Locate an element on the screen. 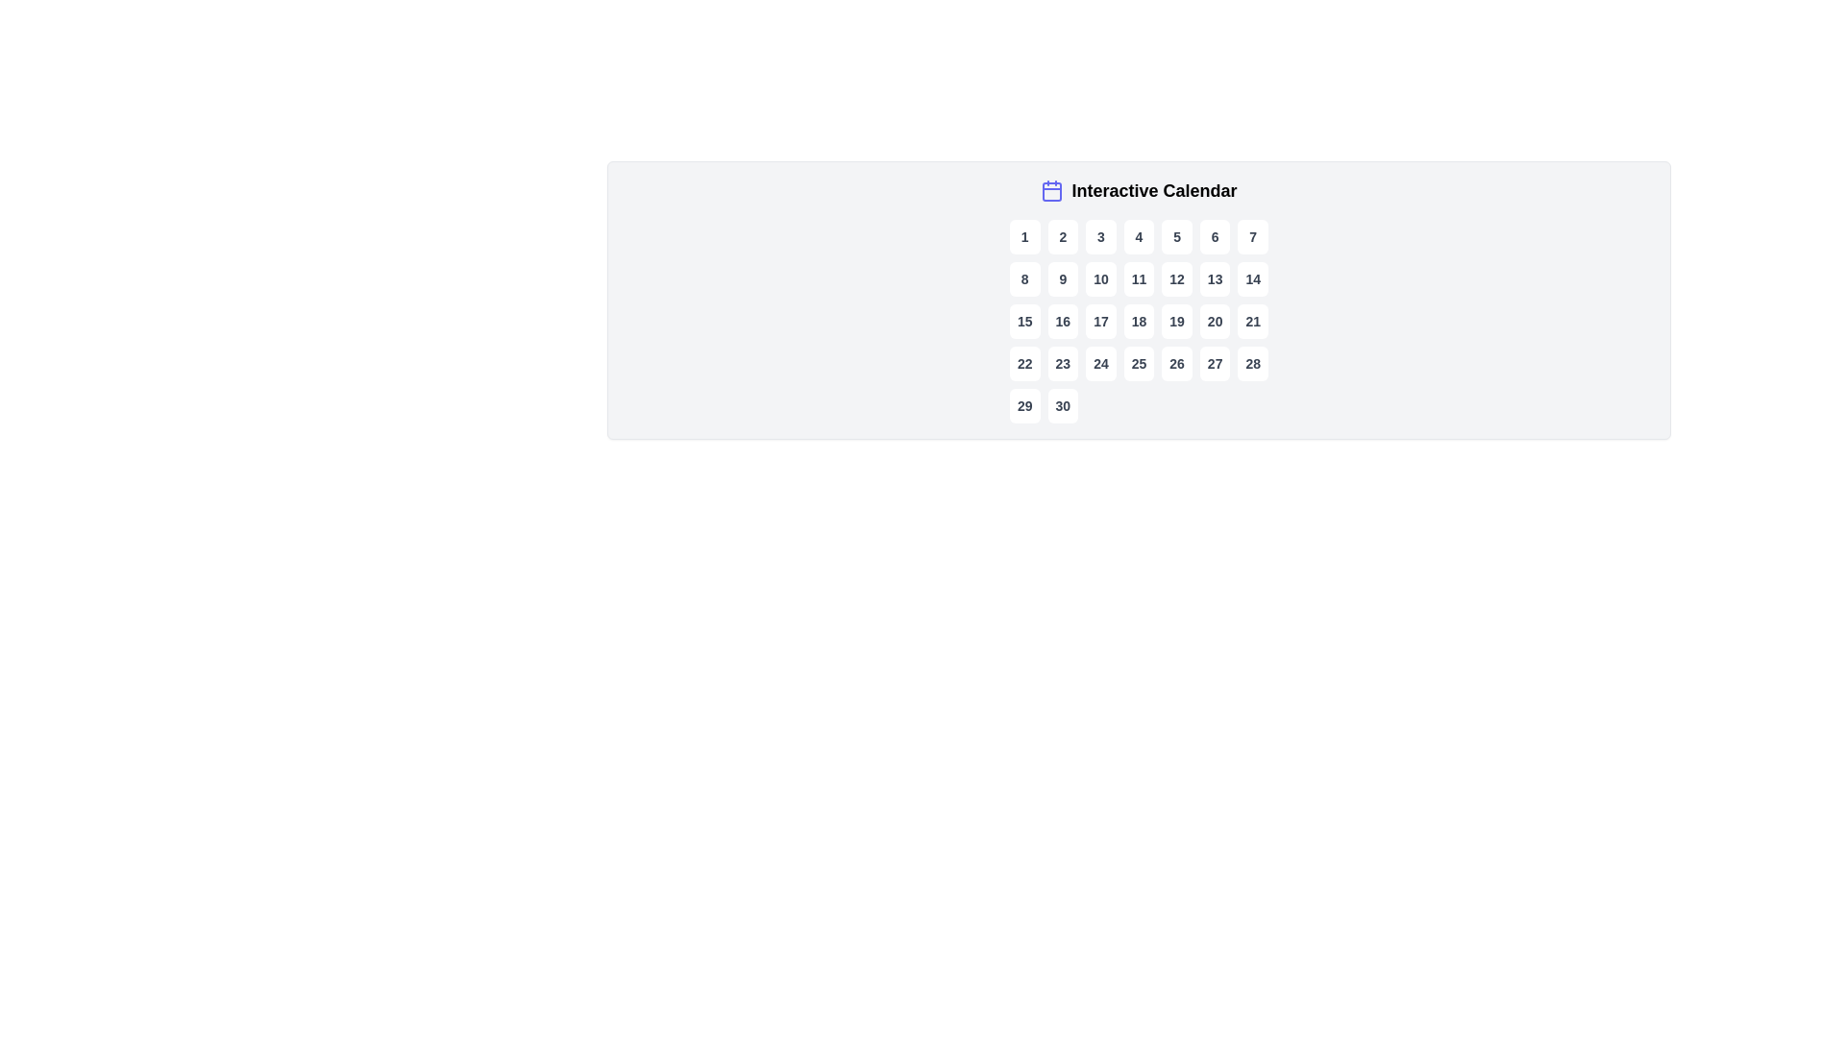 The width and height of the screenshot is (1845, 1037). the selectable day button located in the first row, seventh column of the calendar interface is located at coordinates (1253, 235).